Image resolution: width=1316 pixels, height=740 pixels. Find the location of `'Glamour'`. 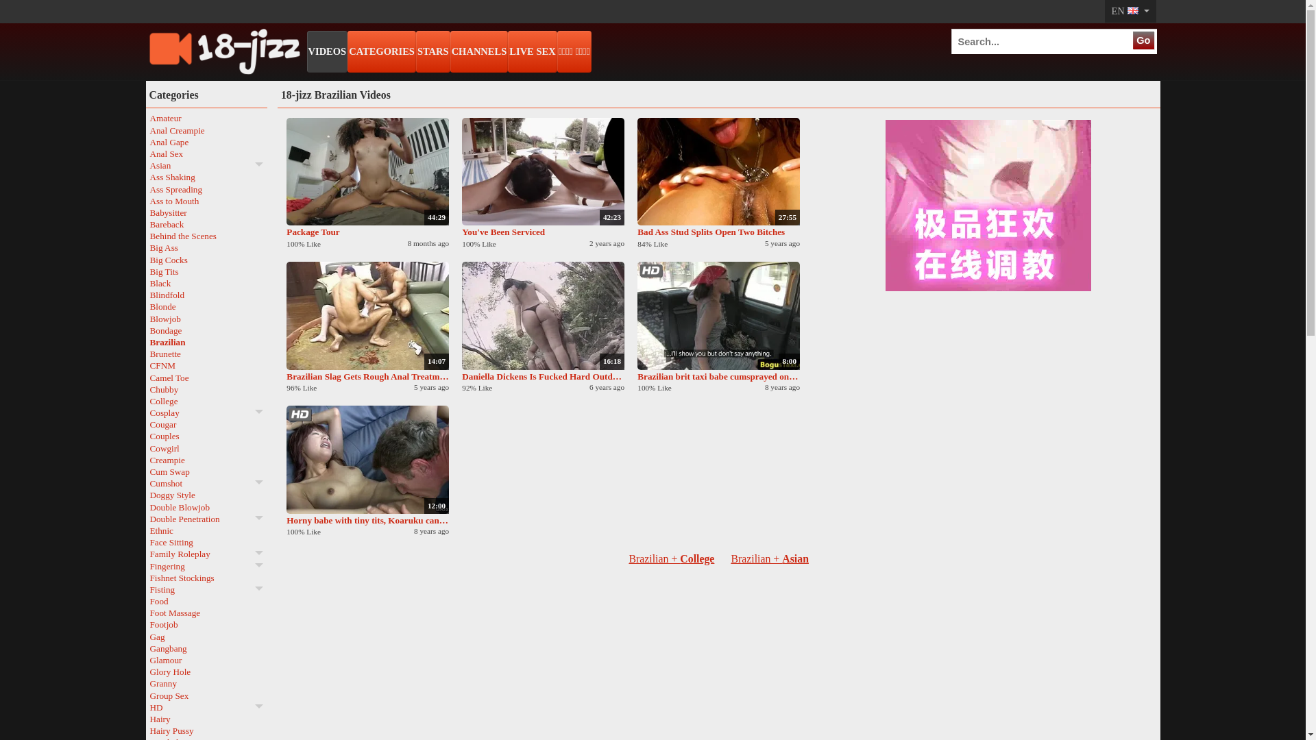

'Glamour' is located at coordinates (206, 659).